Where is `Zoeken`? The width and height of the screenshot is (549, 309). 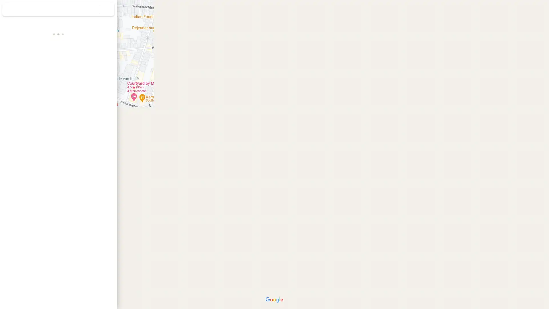
Zoeken is located at coordinates (91, 9).